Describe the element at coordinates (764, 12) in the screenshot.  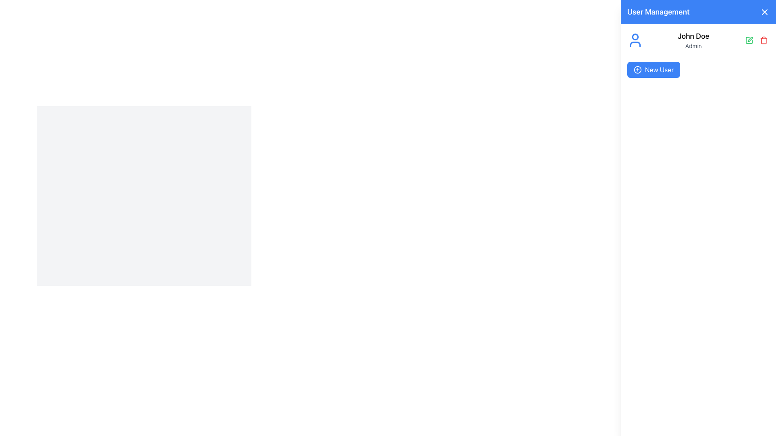
I see `the close button located in the top header, towards the far-right side` at that location.